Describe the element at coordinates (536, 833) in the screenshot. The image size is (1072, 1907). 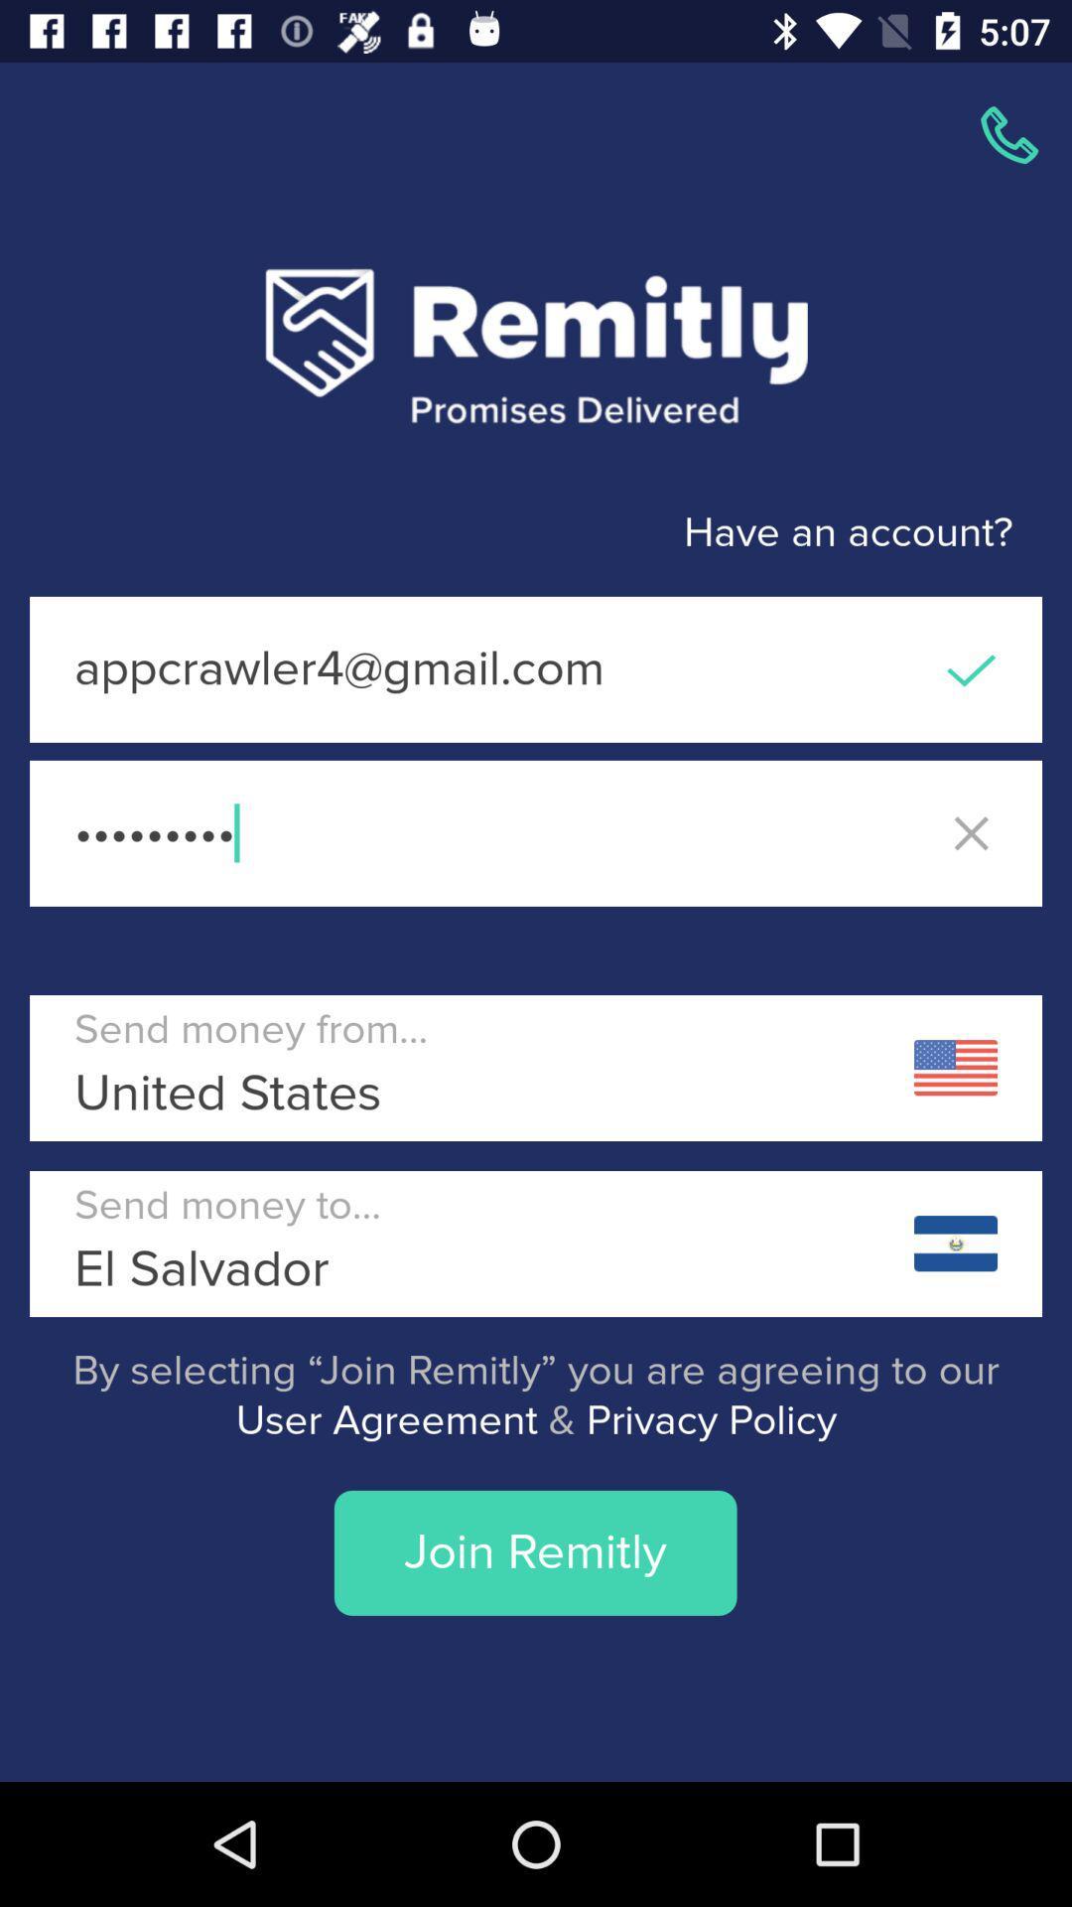
I see `the item below appcrawler4@gmail.com item` at that location.